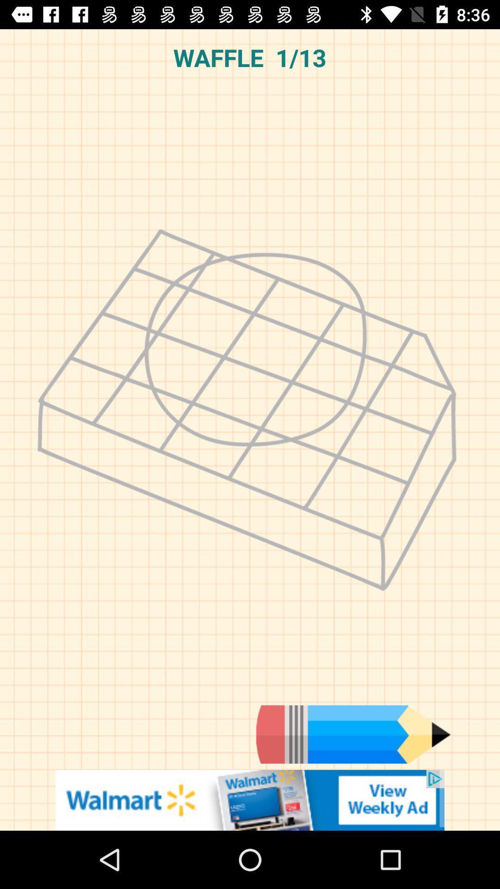  What do you see at coordinates (250, 800) in the screenshot?
I see `advertising bar` at bounding box center [250, 800].